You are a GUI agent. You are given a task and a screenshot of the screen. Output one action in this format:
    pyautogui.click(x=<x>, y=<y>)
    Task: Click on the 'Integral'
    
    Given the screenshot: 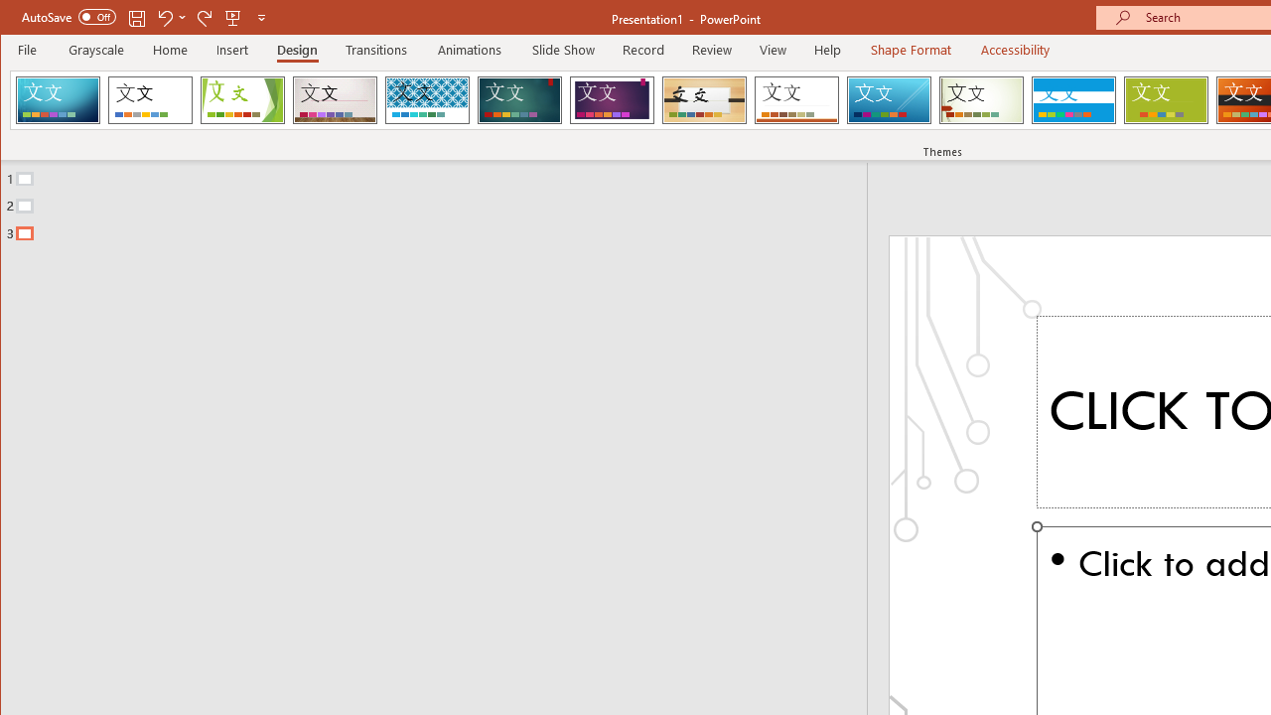 What is the action you would take?
    pyautogui.click(x=426, y=99)
    